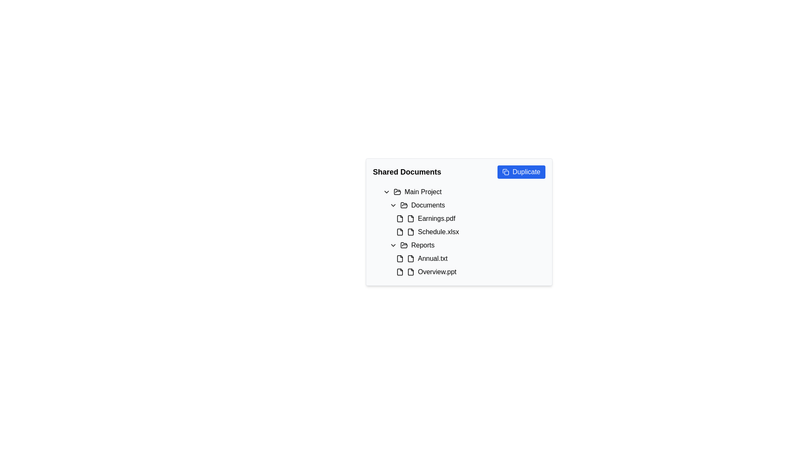 The image size is (800, 450). I want to click on the downward-pointing chevron icon located next to the 'Main Project' text, so click(386, 192).